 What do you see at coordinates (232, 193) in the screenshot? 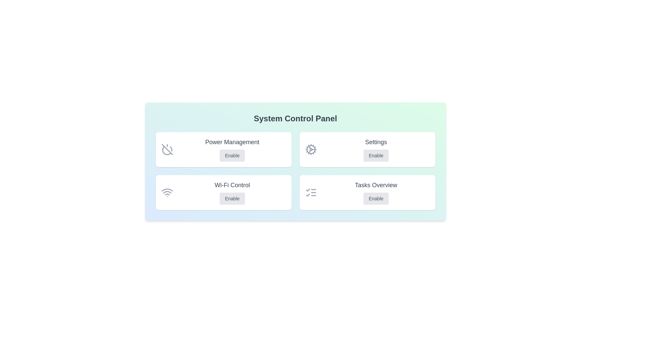
I see `the 'Enable' button in the 'Wi-Fi Control' section` at bounding box center [232, 193].